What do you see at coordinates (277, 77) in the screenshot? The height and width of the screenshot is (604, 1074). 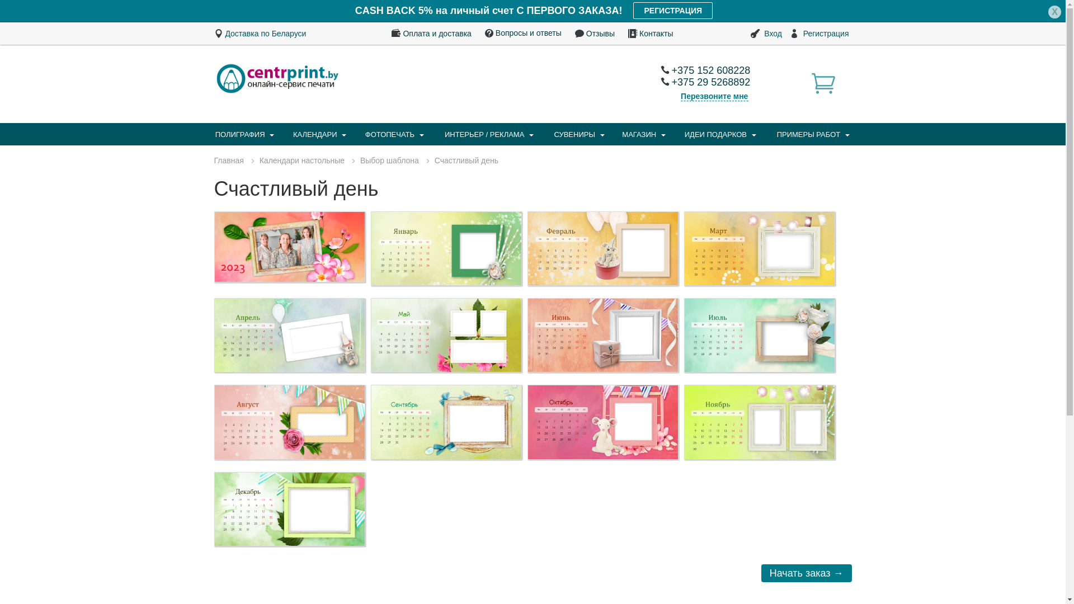 I see `'Centrprint.by'` at bounding box center [277, 77].